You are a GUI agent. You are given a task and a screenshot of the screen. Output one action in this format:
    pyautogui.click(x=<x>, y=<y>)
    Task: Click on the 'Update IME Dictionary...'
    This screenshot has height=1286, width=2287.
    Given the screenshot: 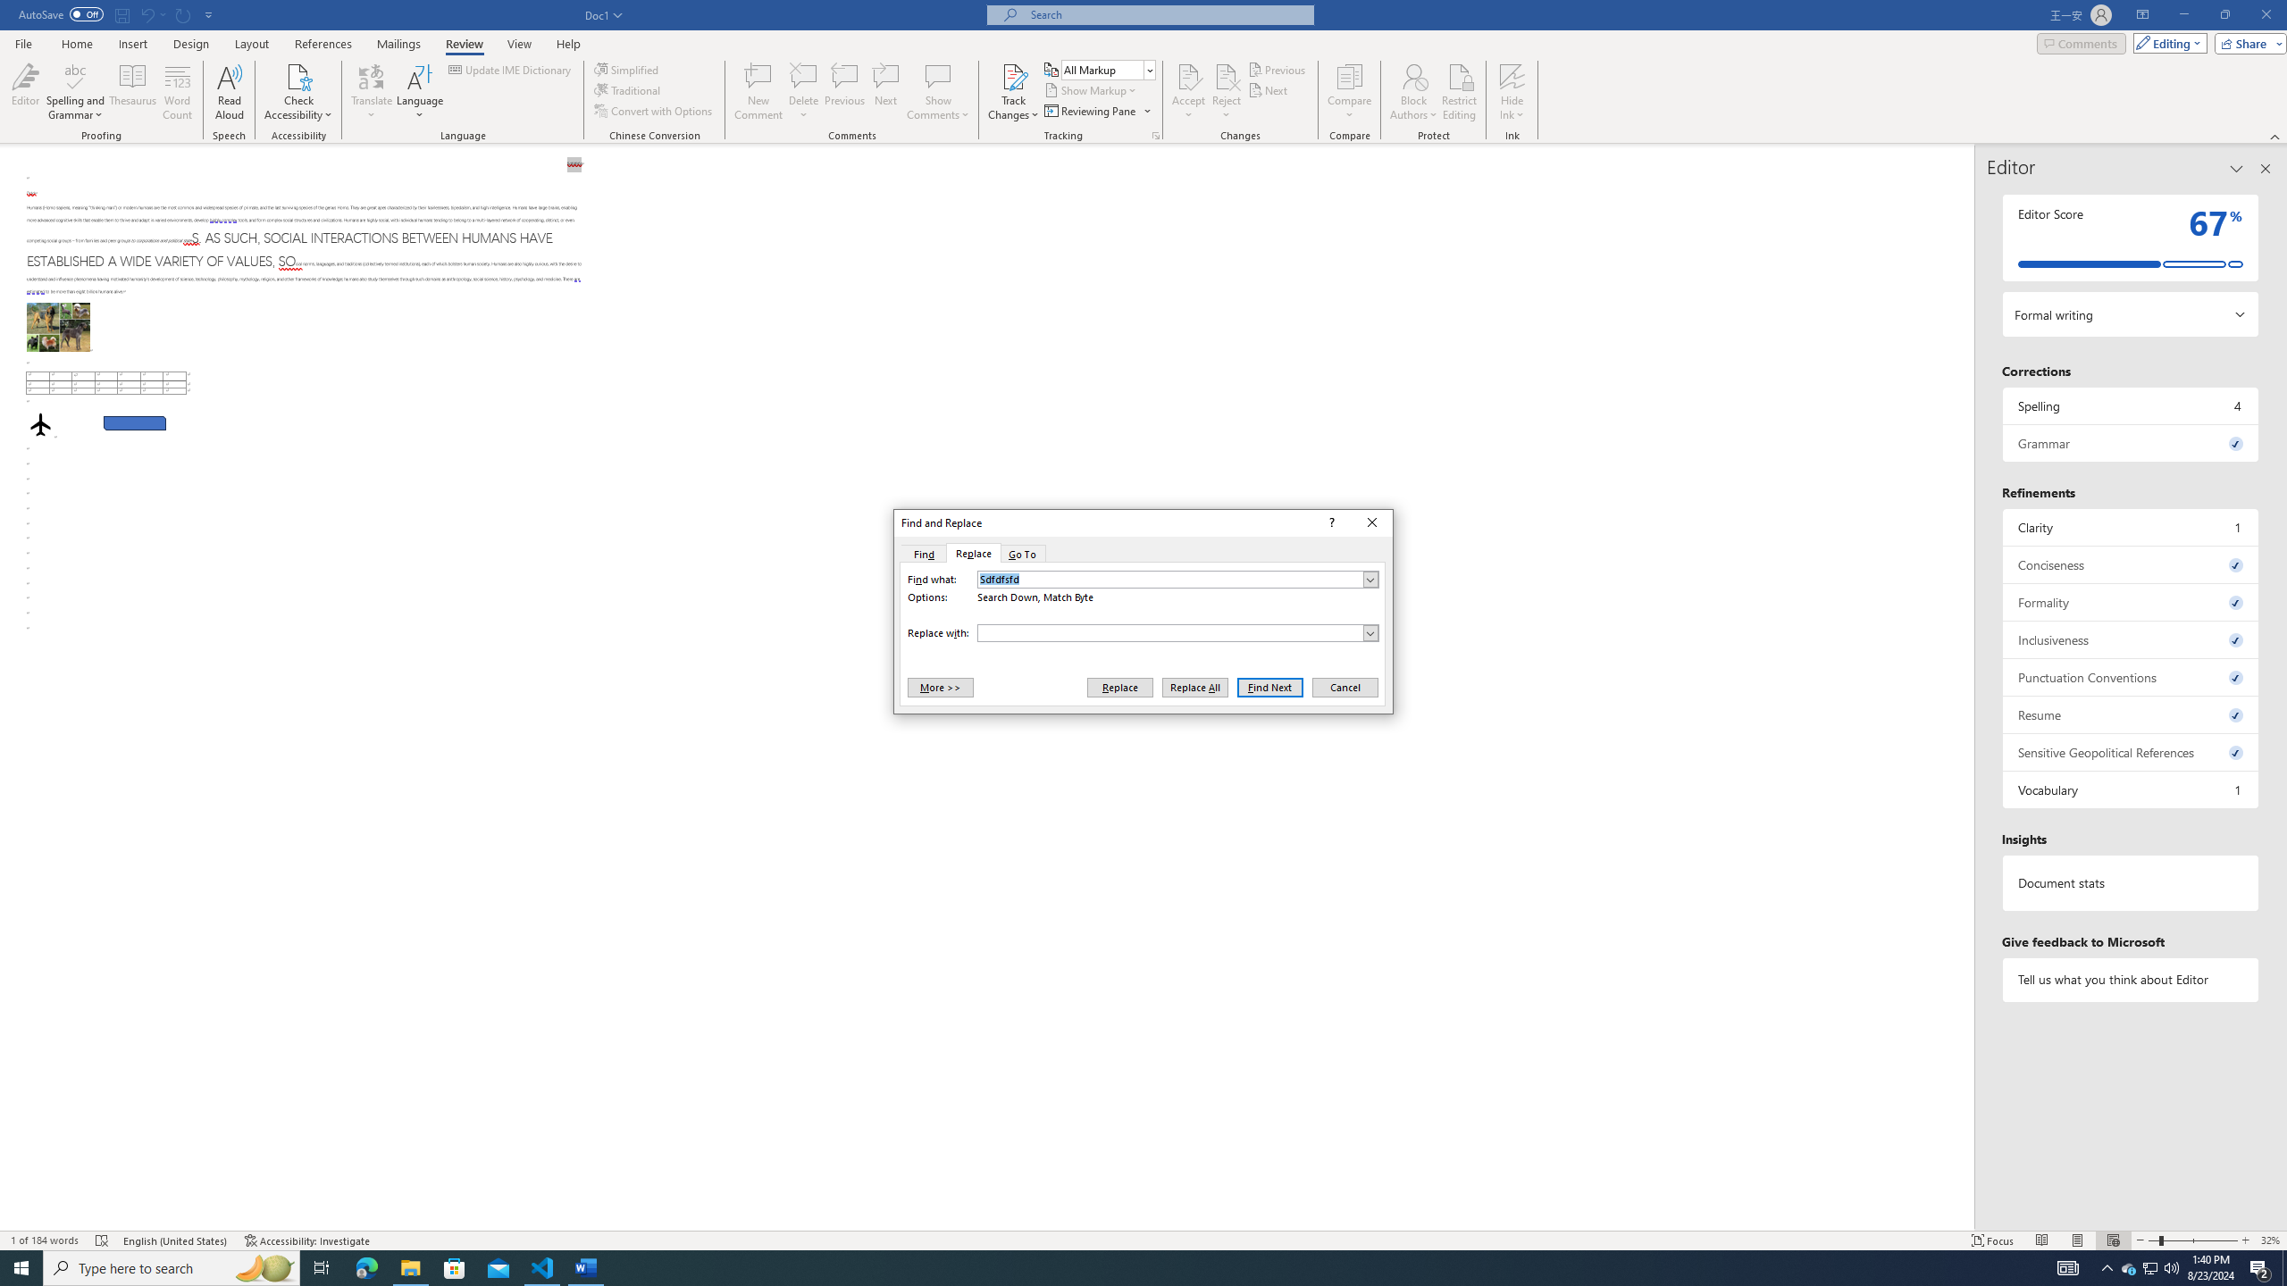 What is the action you would take?
    pyautogui.click(x=510, y=69)
    